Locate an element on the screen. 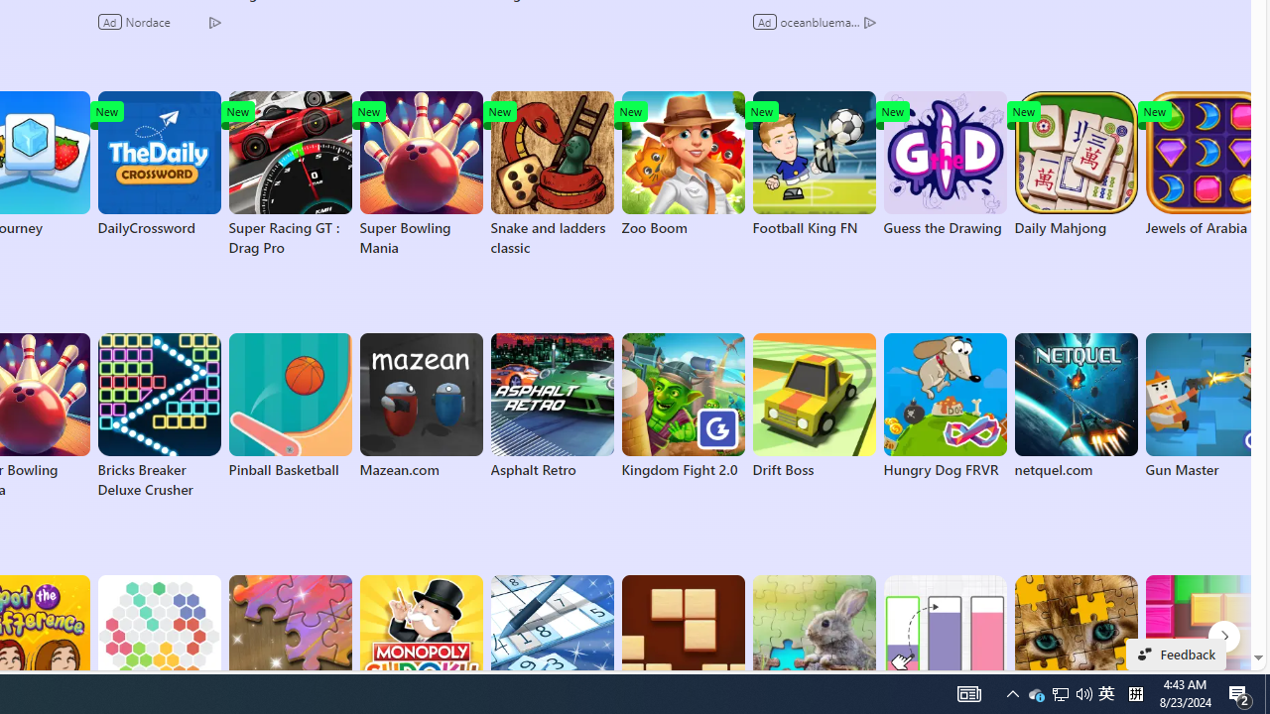 This screenshot has width=1270, height=714. 'Asphalt Retro' is located at coordinates (552, 406).